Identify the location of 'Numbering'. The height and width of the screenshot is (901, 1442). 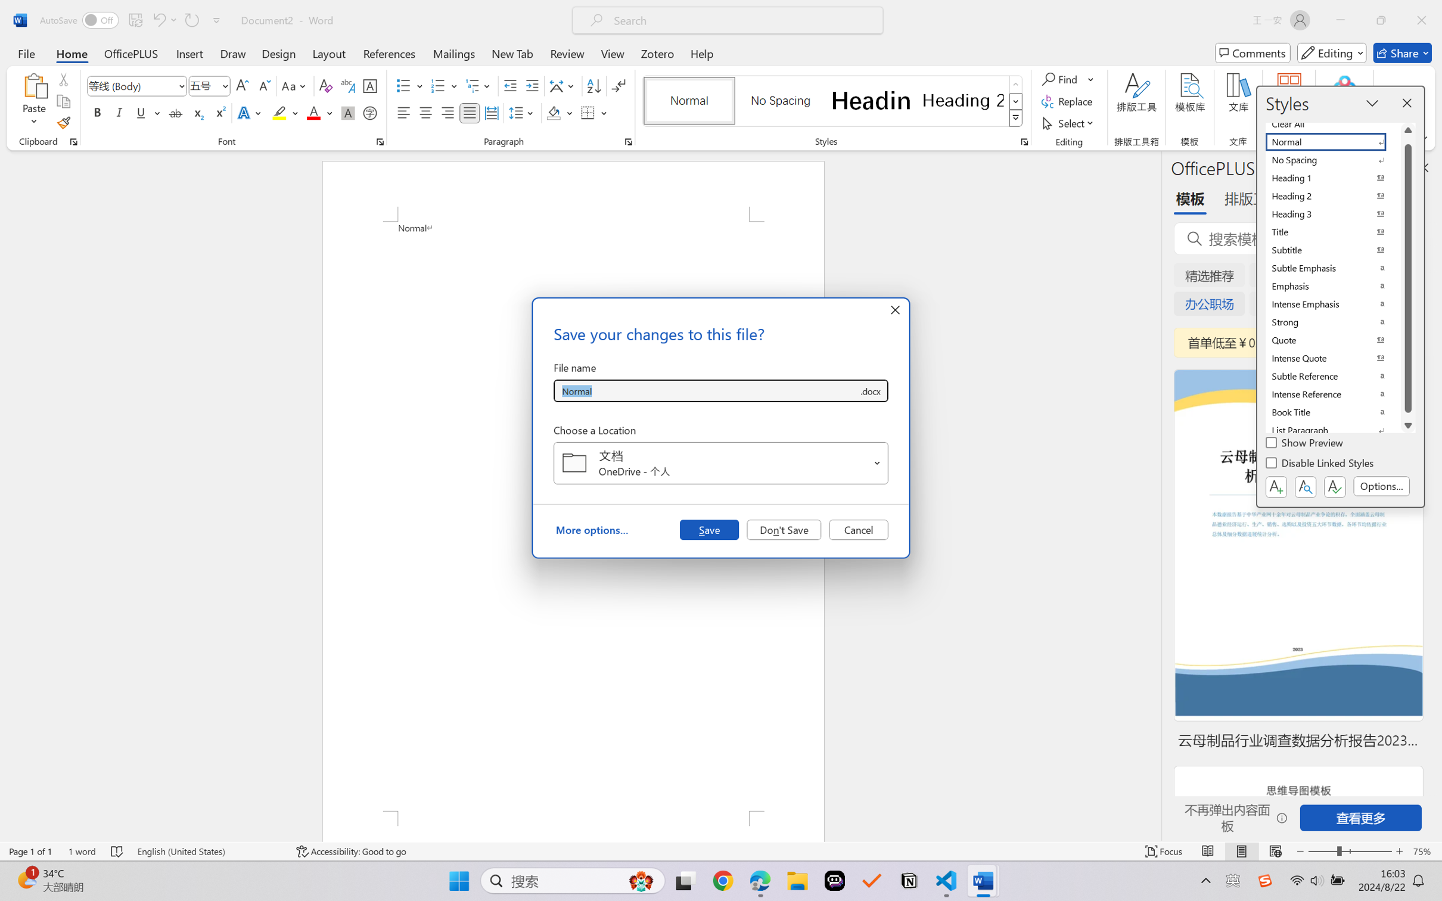
(444, 86).